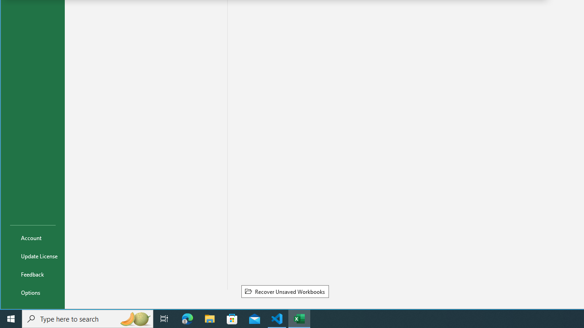 This screenshot has width=584, height=328. What do you see at coordinates (33, 273) in the screenshot?
I see `'Feedback'` at bounding box center [33, 273].